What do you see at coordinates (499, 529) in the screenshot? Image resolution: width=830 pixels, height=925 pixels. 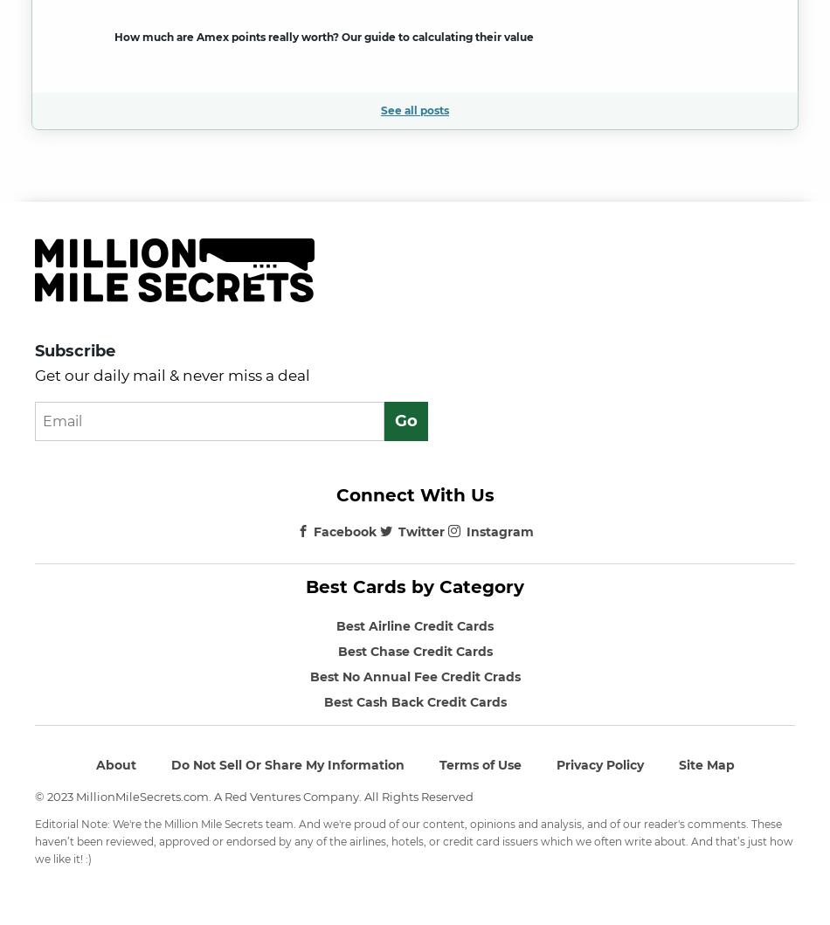 I see `'Instagram'` at bounding box center [499, 529].